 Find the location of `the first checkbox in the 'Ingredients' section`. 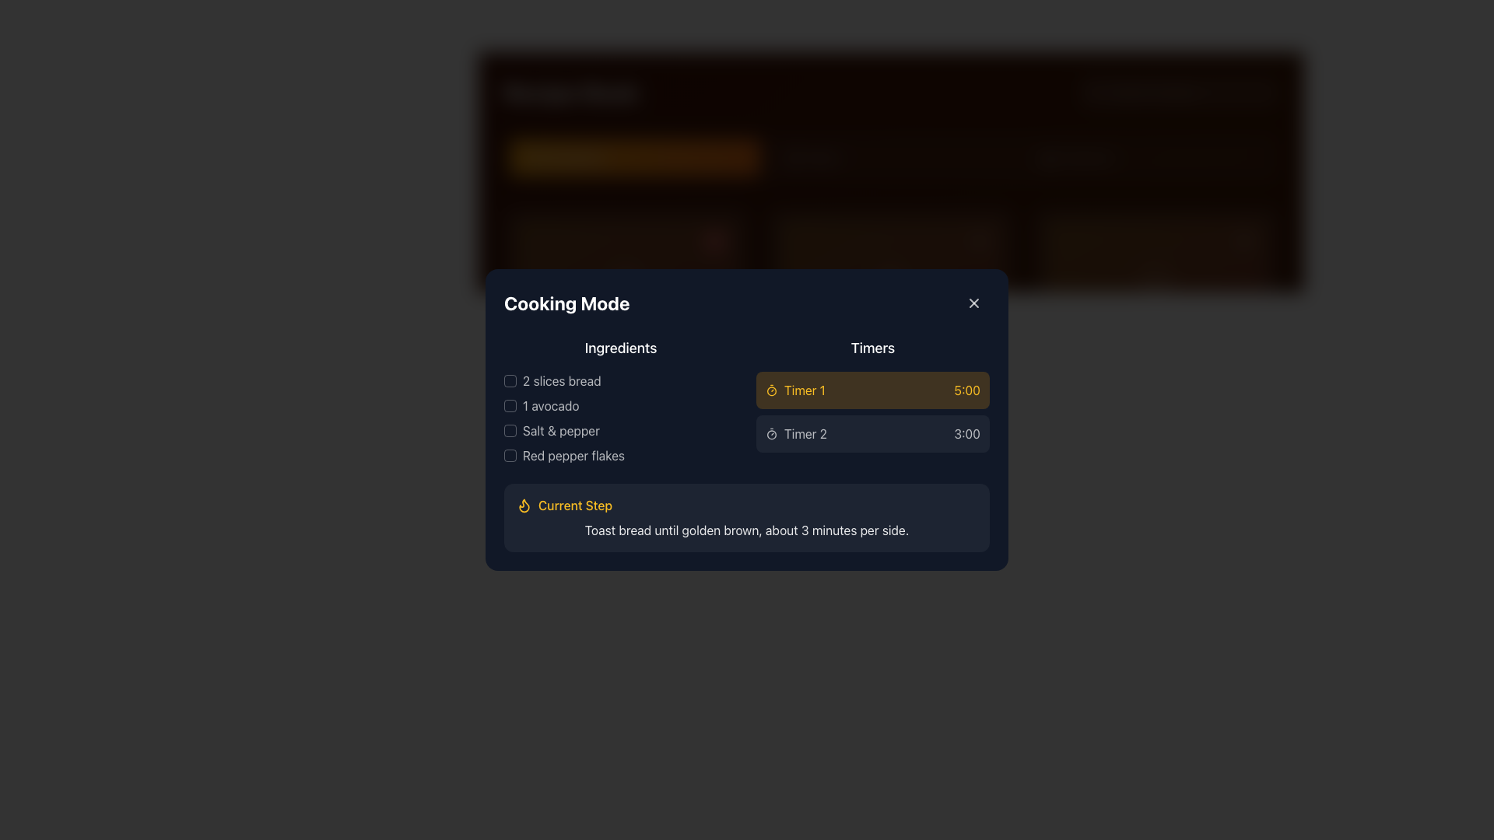

the first checkbox in the 'Ingredients' section is located at coordinates (510, 380).